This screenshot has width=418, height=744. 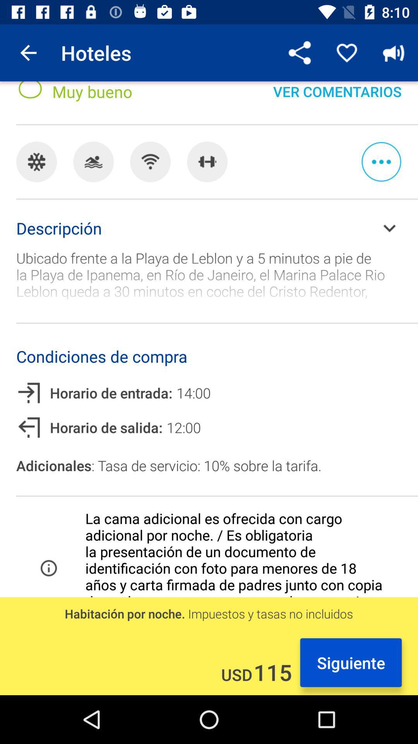 I want to click on the expand_more icon, so click(x=389, y=227).